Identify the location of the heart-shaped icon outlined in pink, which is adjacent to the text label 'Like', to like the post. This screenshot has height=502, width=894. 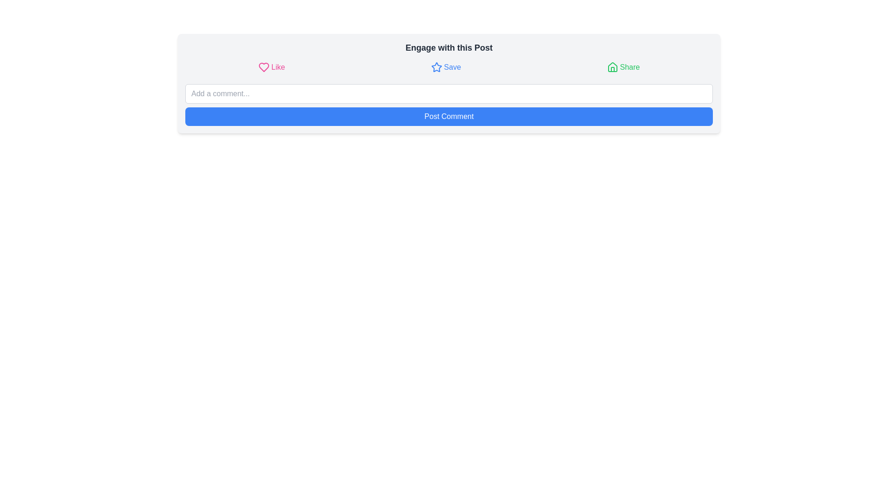
(263, 67).